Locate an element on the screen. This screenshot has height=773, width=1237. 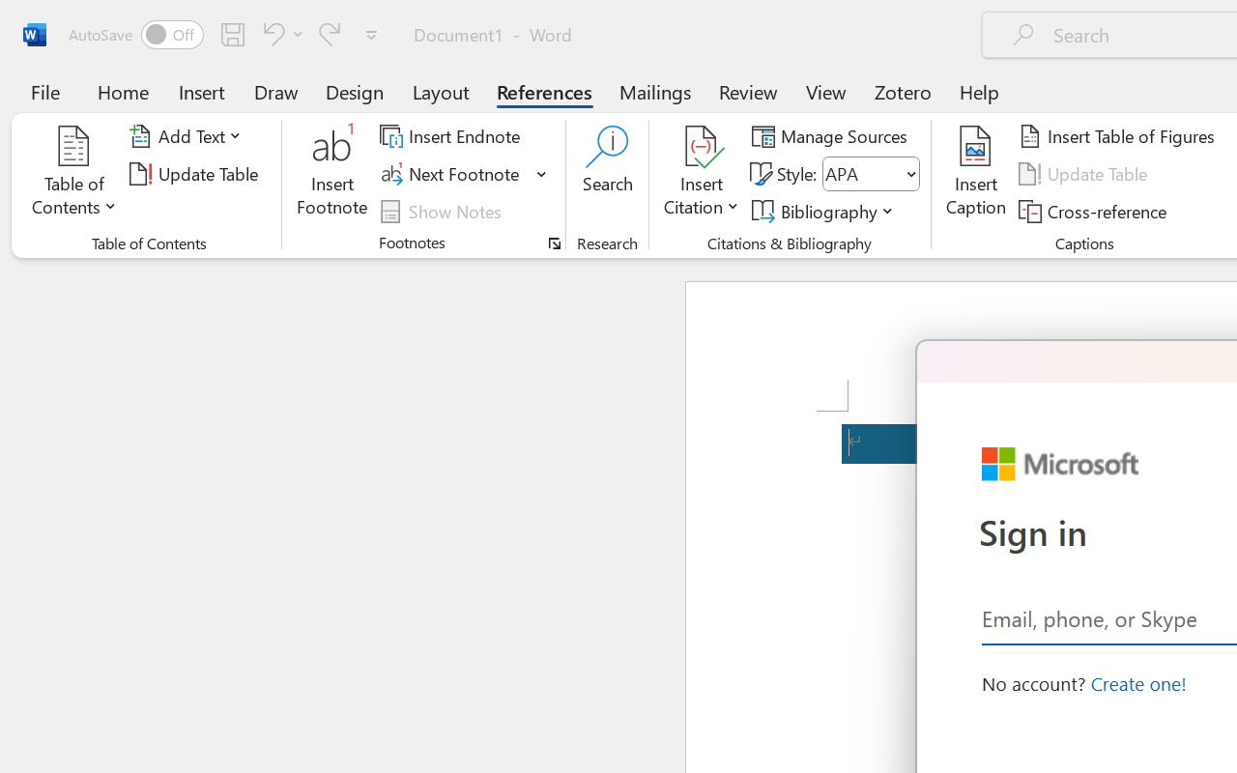
'Undo Apply Quick Style Set' is located at coordinates (270, 33).